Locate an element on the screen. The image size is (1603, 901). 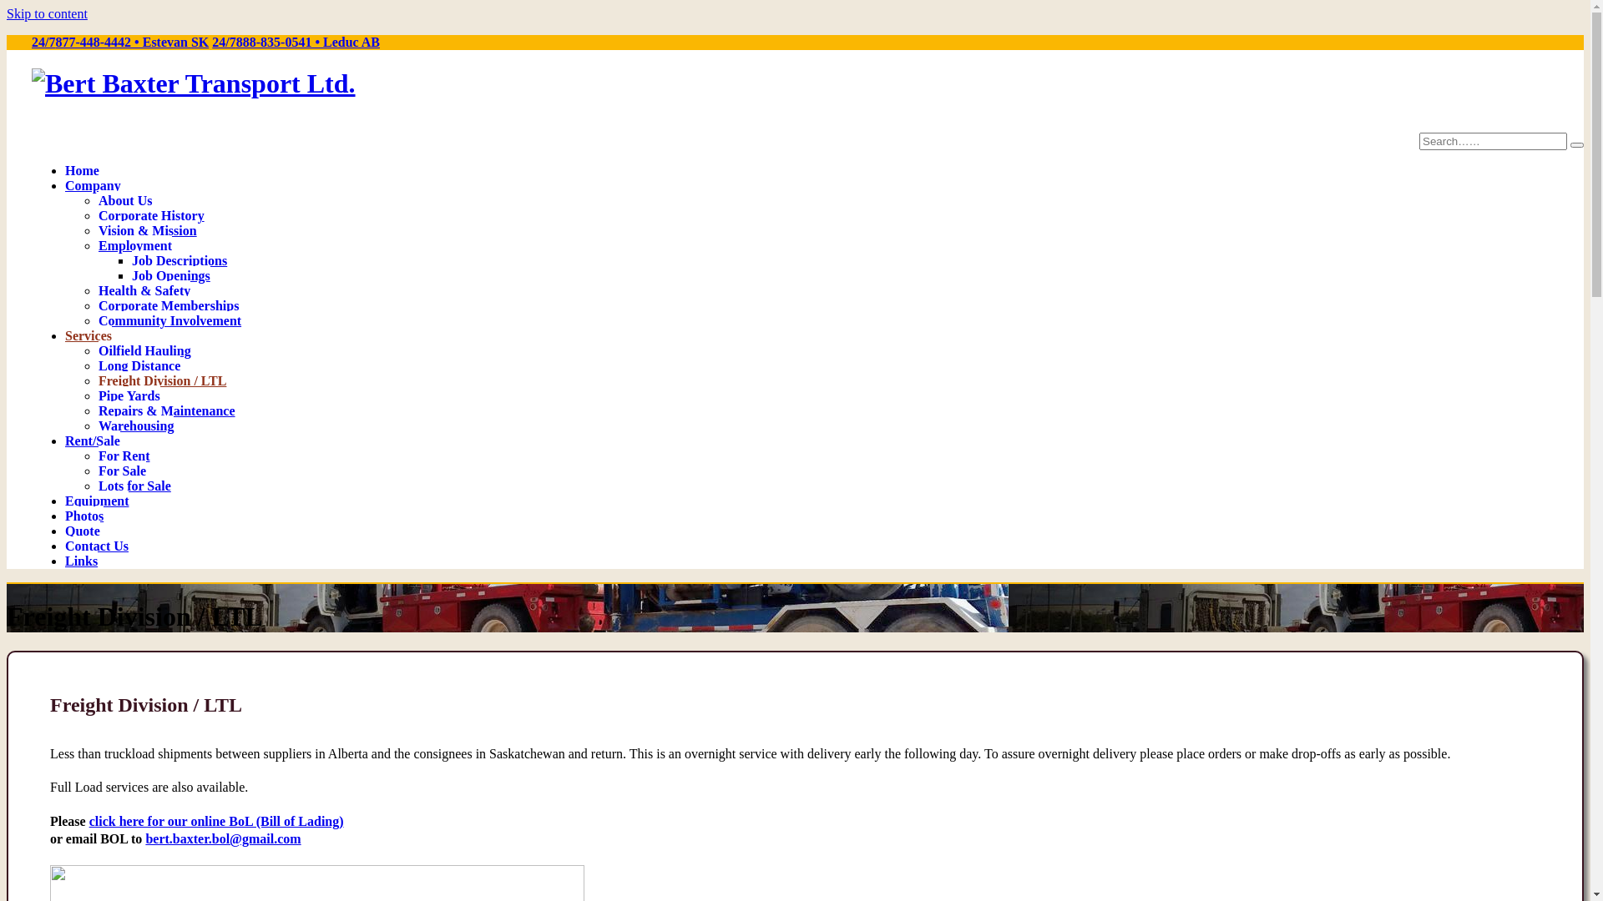
'Health & Safety' is located at coordinates (144, 289).